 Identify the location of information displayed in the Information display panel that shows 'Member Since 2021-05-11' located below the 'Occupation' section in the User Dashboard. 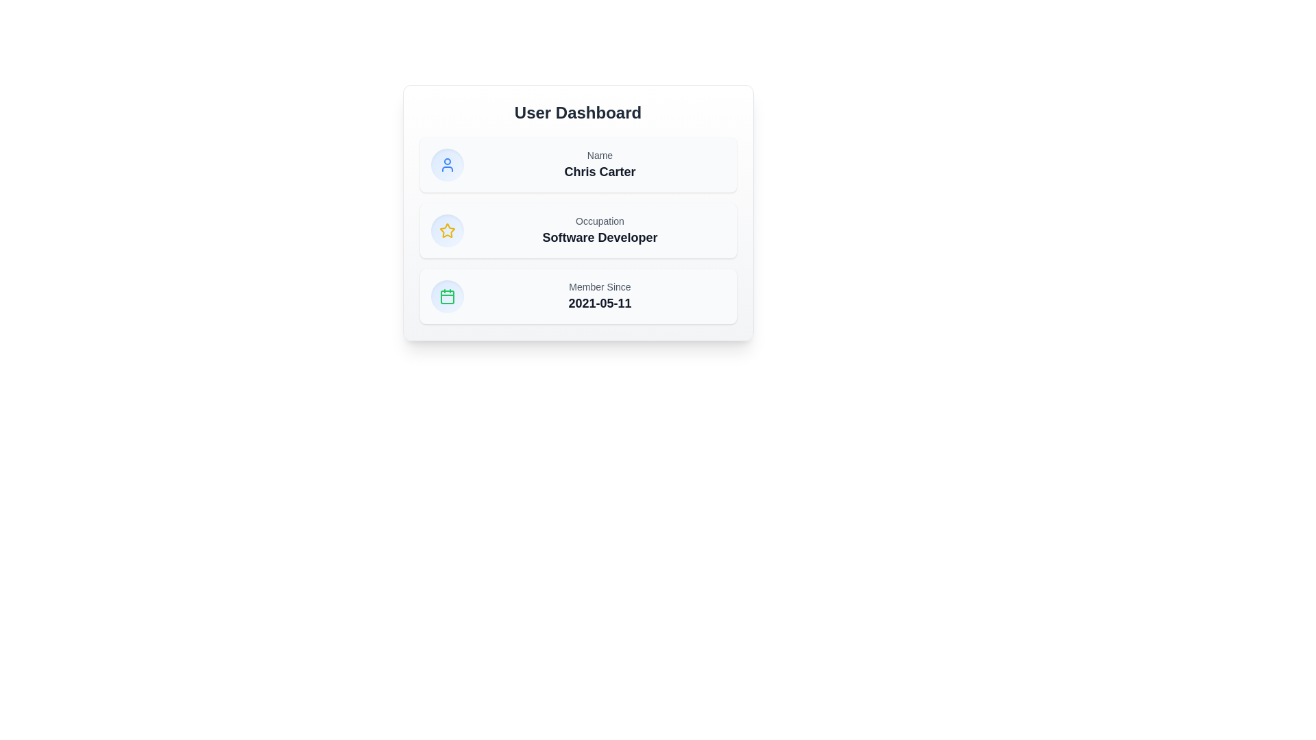
(578, 295).